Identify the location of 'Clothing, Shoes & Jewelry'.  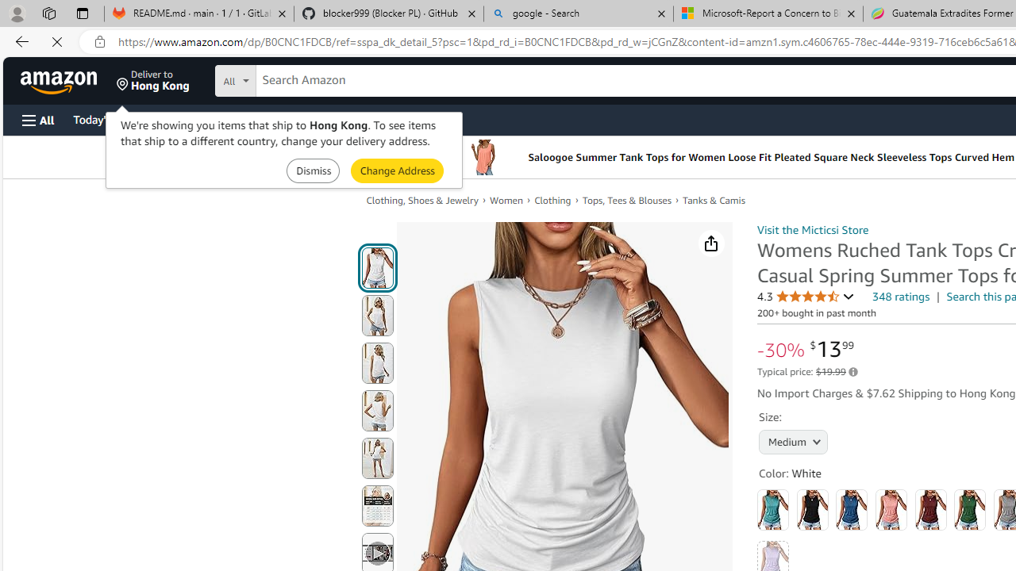
(428, 200).